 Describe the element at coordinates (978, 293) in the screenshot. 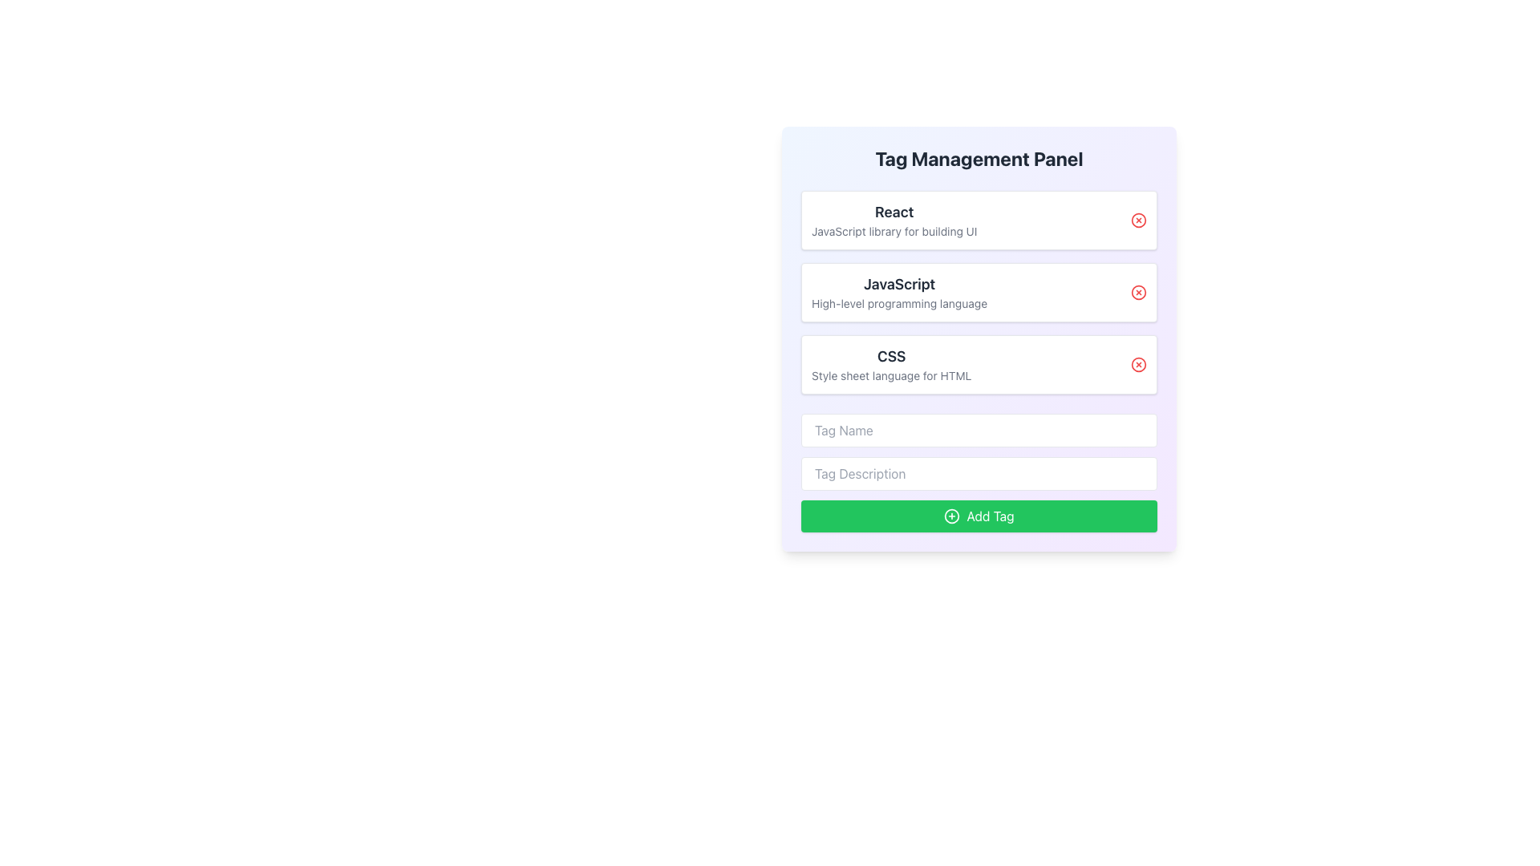

I see `details of the tag entry in the Tag Management Panel, specifically the second row between 'React' and 'CSS'` at that location.